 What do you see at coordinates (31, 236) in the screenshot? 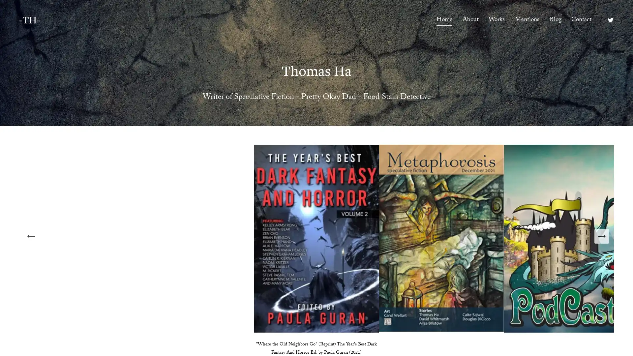
I see `Previous Slide` at bounding box center [31, 236].